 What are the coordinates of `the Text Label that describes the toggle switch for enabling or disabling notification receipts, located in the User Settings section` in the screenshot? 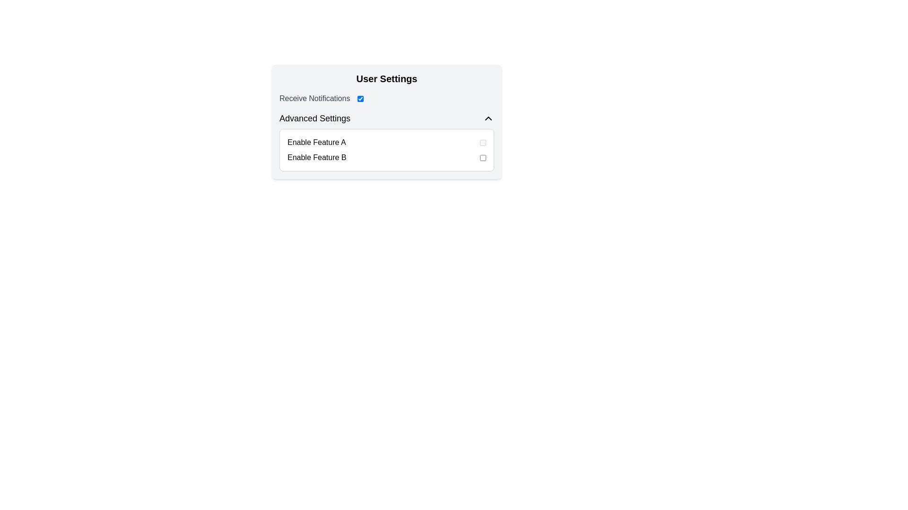 It's located at (386, 98).